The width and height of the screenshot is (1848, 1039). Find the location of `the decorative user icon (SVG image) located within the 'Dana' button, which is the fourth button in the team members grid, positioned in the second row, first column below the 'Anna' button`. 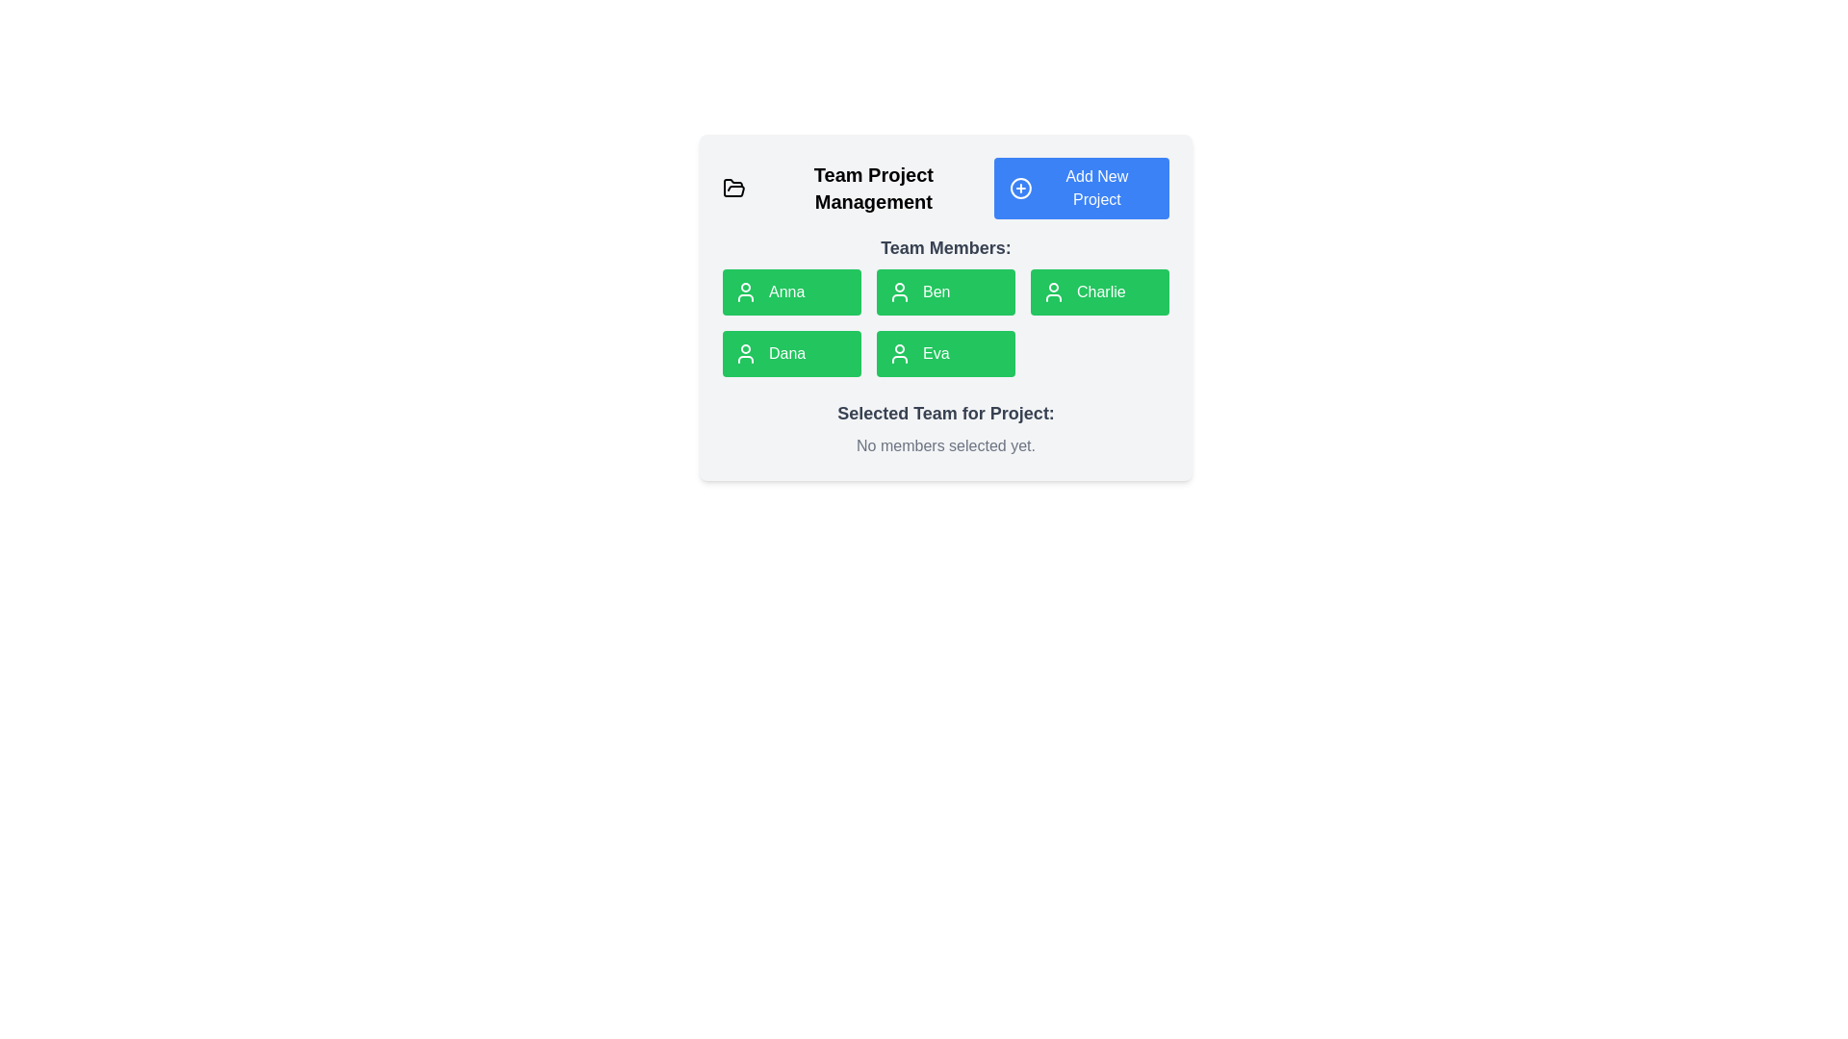

the decorative user icon (SVG image) located within the 'Dana' button, which is the fourth button in the team members grid, positioned in the second row, first column below the 'Anna' button is located at coordinates (744, 353).